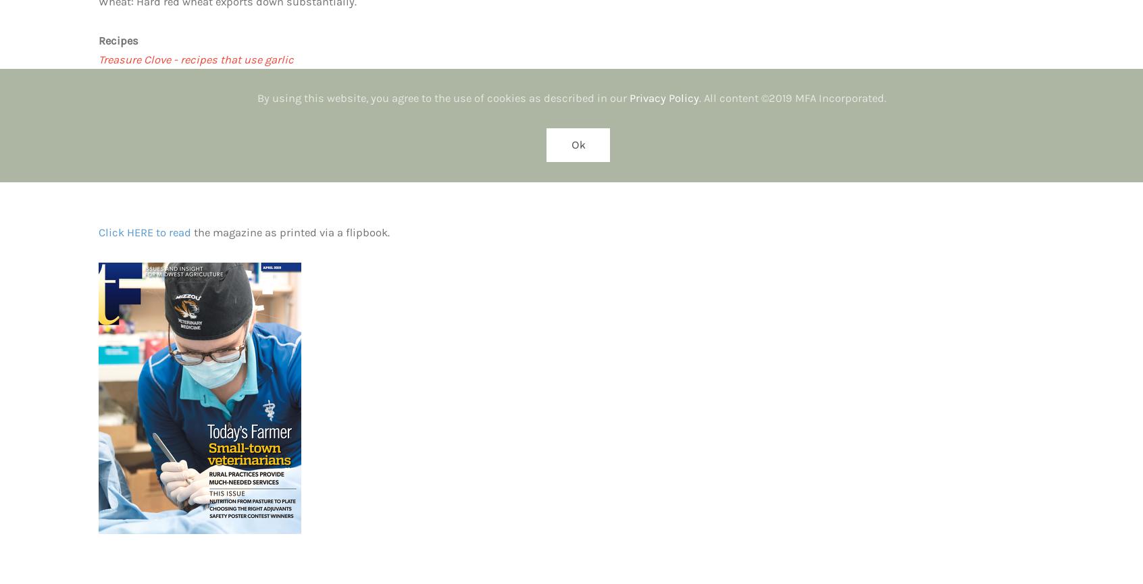 The image size is (1143, 584). I want to click on 'Click HERE to read', so click(145, 232).